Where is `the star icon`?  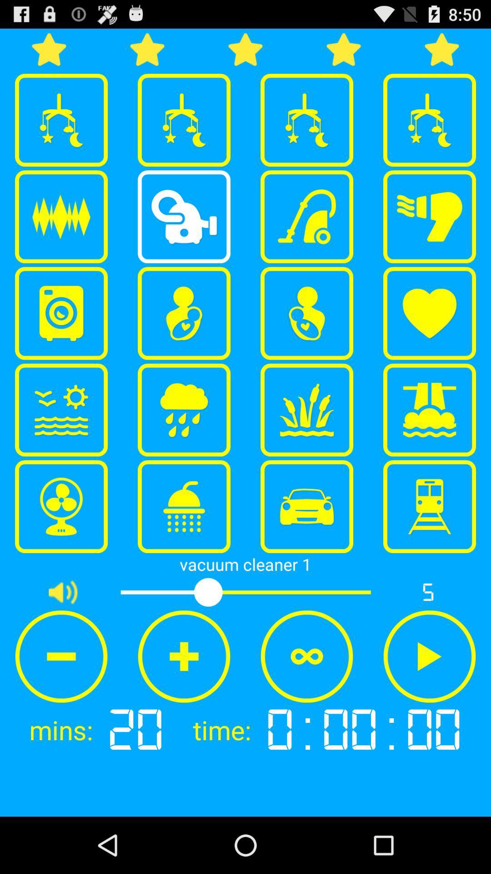 the star icon is located at coordinates (245, 52).